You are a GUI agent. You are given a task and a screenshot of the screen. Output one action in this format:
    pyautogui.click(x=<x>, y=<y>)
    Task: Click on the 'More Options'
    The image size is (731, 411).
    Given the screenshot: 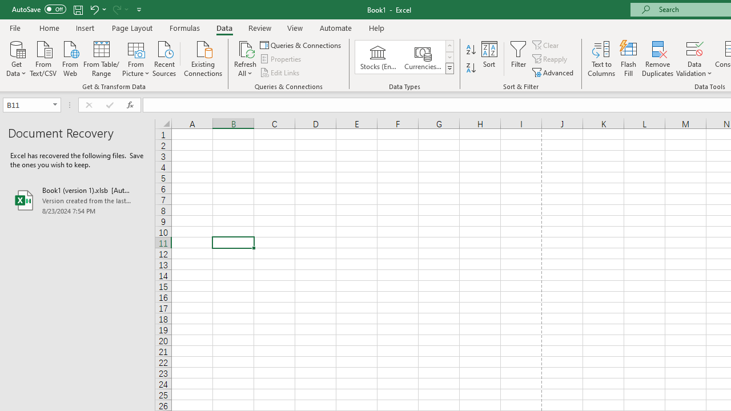 What is the action you would take?
    pyautogui.click(x=694, y=69)
    